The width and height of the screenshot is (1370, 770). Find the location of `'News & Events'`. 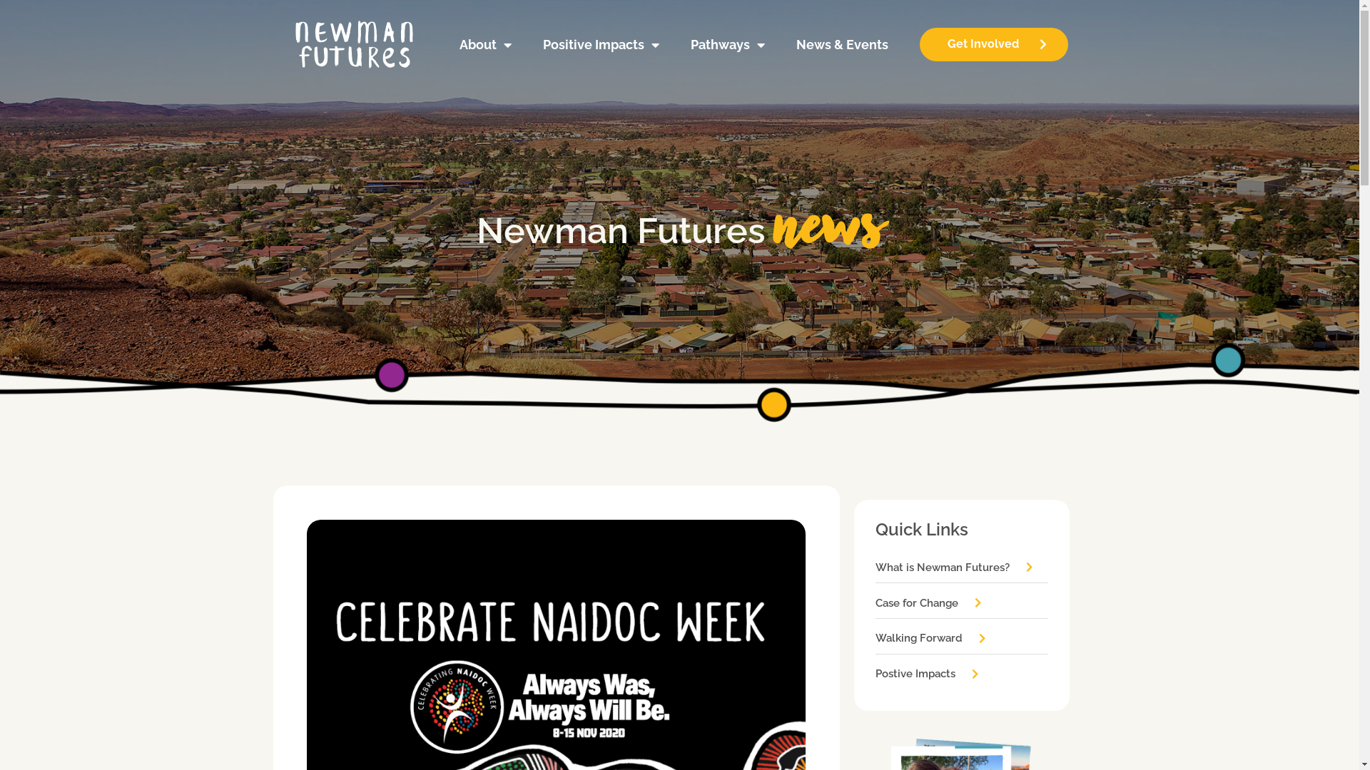

'News & Events' is located at coordinates (842, 43).